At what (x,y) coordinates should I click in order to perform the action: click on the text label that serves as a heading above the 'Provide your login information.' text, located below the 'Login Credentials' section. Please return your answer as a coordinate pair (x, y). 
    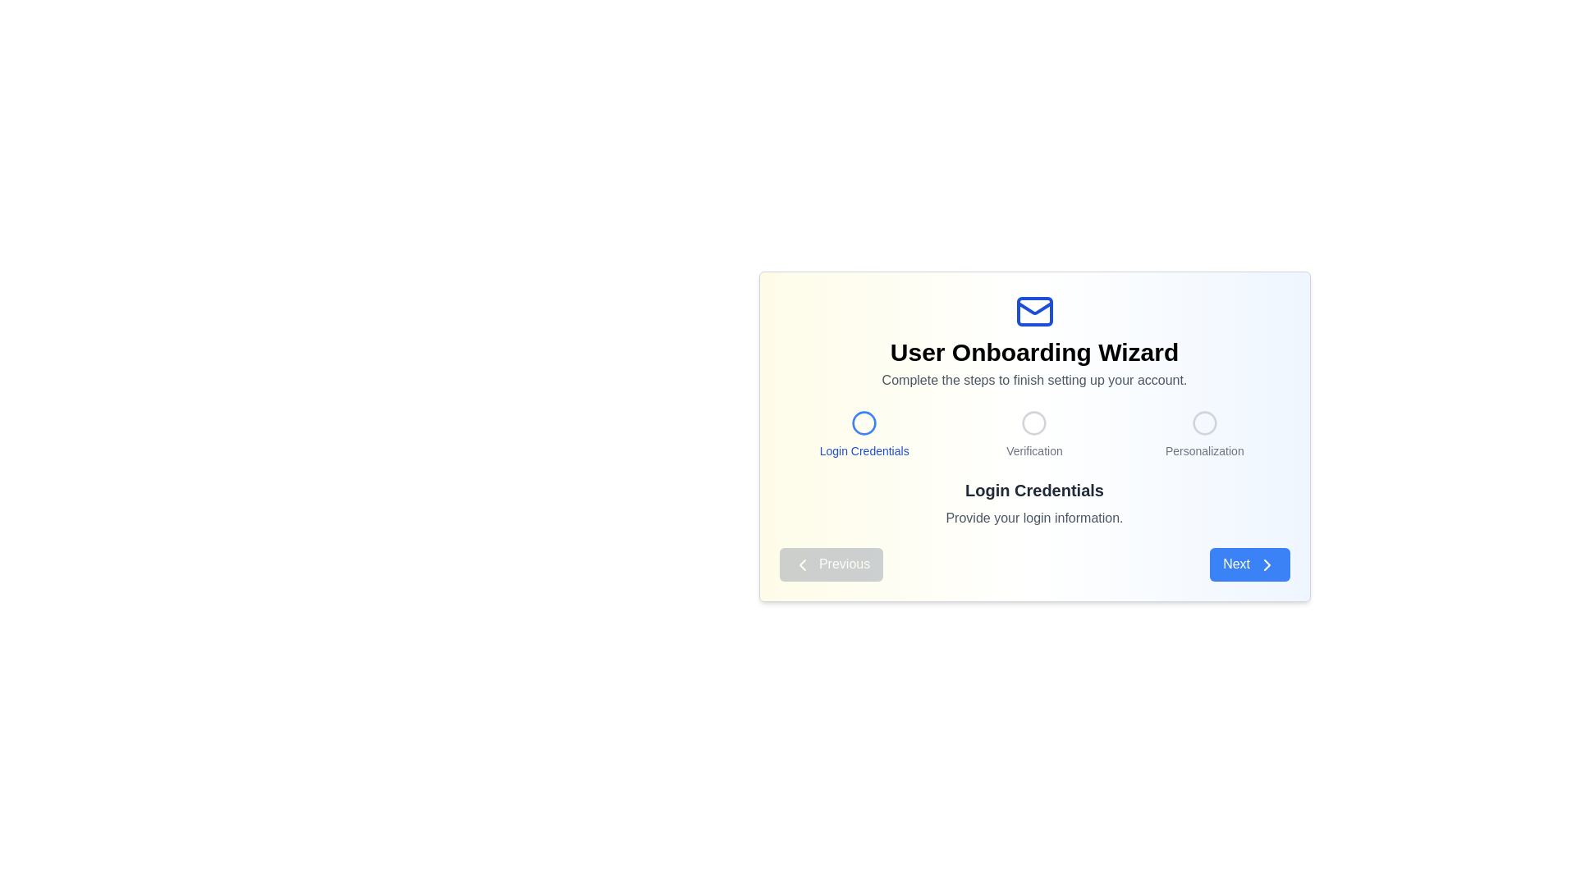
    Looking at the image, I should click on (1033, 489).